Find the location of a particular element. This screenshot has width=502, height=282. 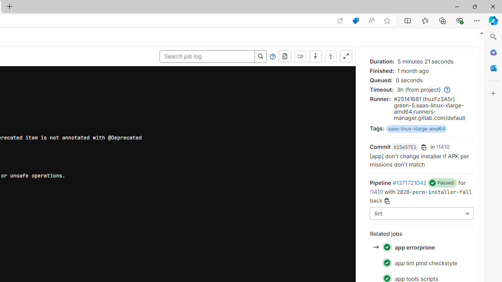

'b15e5751' is located at coordinates (405, 147).